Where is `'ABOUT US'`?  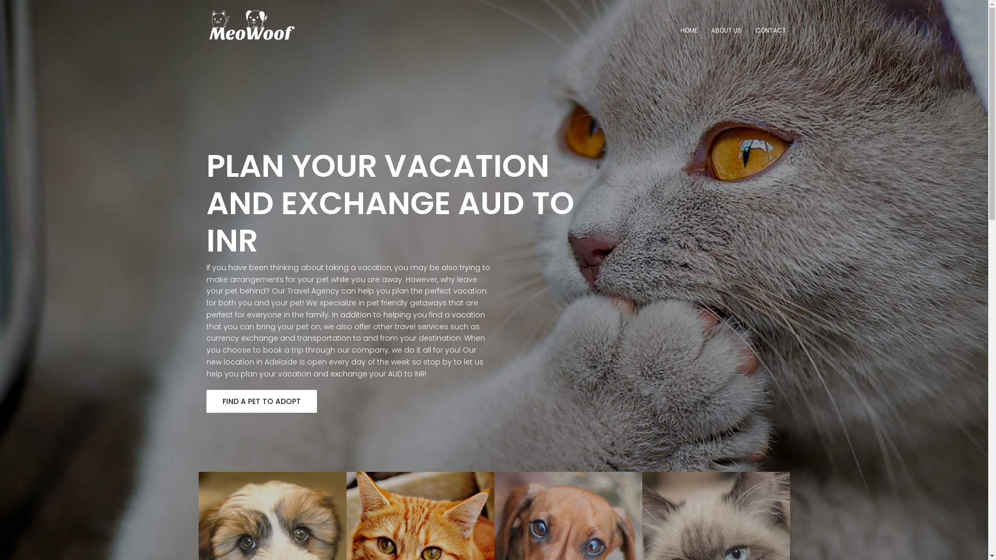 'ABOUT US' is located at coordinates (725, 30).